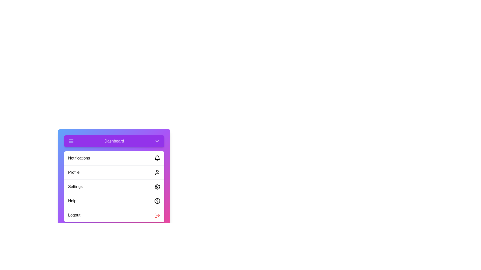 The image size is (481, 270). Describe the element at coordinates (114, 186) in the screenshot. I see `the menu item labeled Settings to view its hover effect` at that location.